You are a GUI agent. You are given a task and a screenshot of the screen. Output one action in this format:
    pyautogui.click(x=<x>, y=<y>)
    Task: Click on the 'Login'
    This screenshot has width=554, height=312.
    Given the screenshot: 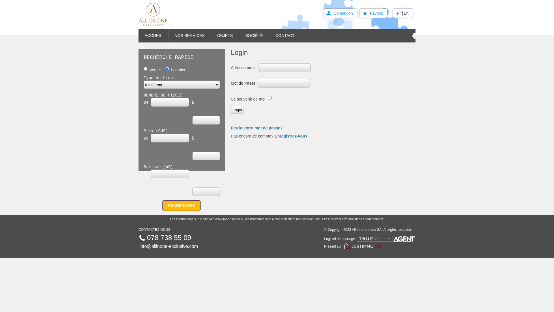 What is the action you would take?
    pyautogui.click(x=237, y=110)
    